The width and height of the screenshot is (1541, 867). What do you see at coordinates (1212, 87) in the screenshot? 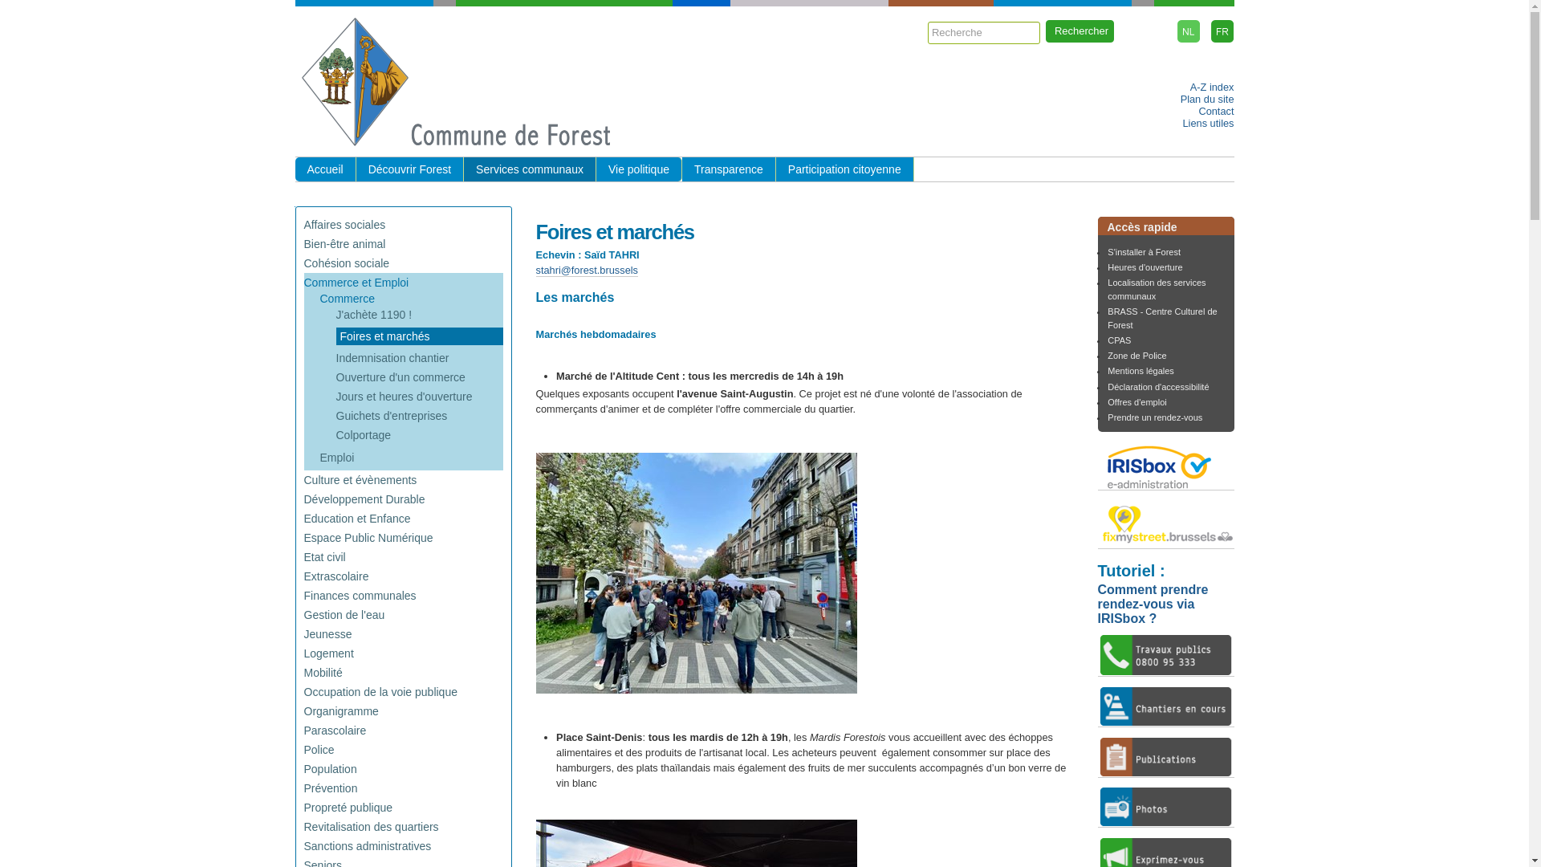
I see `'A-Z index'` at bounding box center [1212, 87].